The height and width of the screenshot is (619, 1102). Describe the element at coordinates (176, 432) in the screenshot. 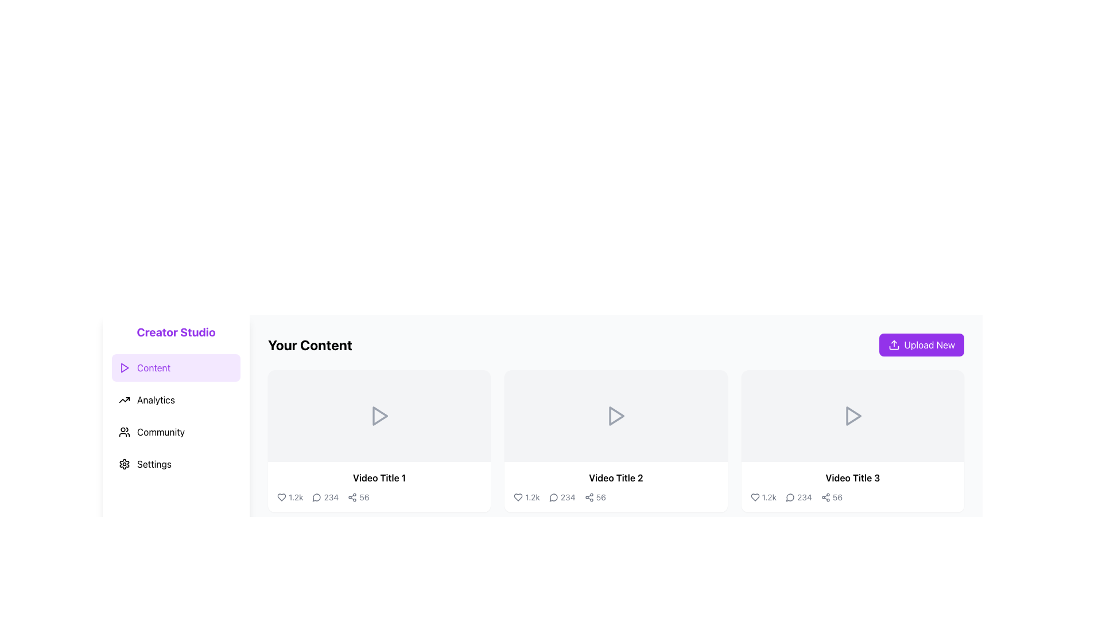

I see `the 'Community' navigation button, which is the third item in the vertical menu on the left side of the interface` at that location.